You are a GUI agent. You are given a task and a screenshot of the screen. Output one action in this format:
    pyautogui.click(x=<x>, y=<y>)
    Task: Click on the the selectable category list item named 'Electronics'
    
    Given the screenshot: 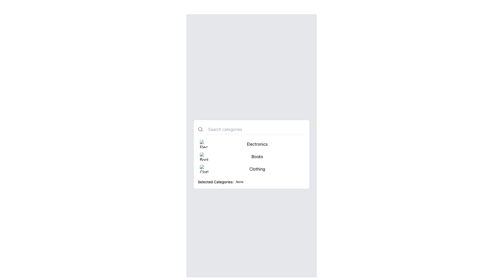 What is the action you would take?
    pyautogui.click(x=252, y=144)
    